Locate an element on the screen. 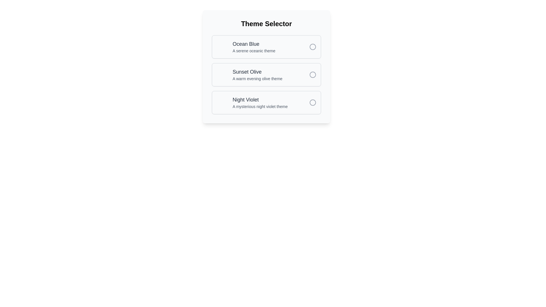 The image size is (546, 307). the 'Night Violet' theme option in the Theme Selector list is located at coordinates (266, 103).